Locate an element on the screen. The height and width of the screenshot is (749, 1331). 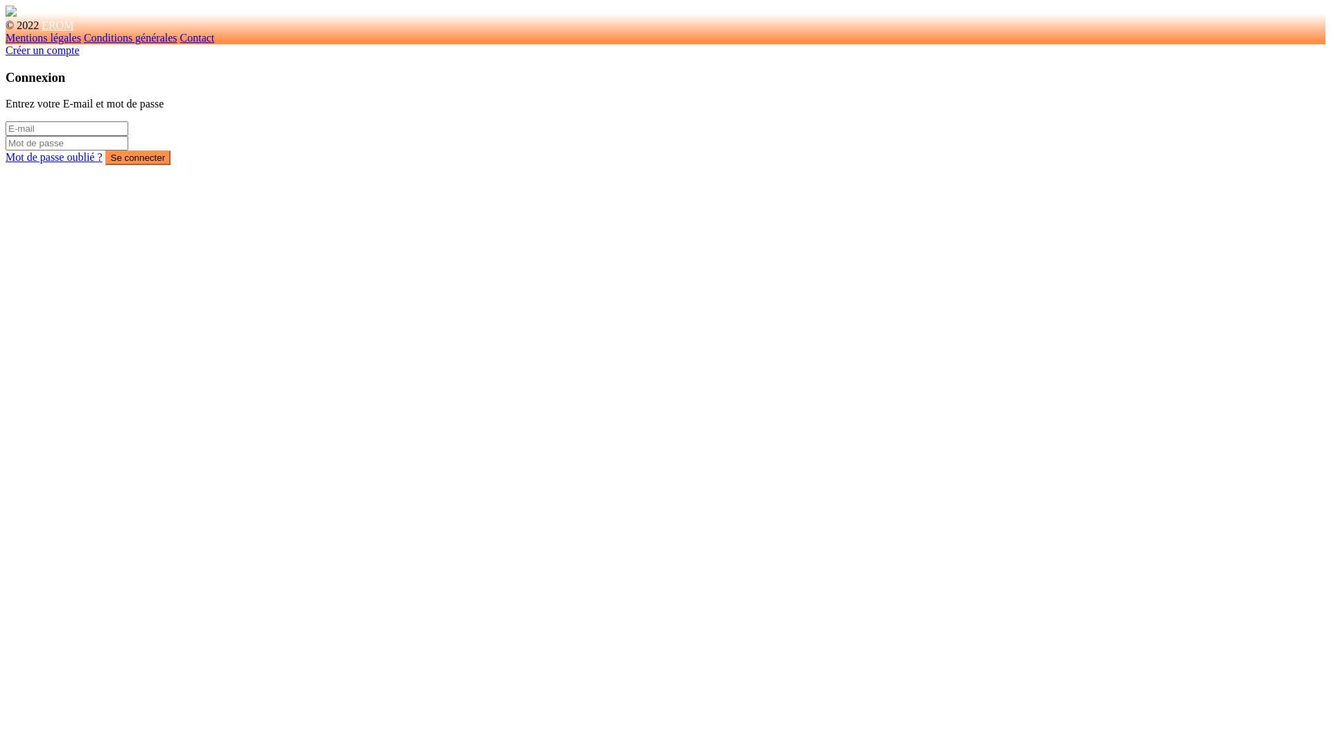
'Se connecter' is located at coordinates (138, 157).